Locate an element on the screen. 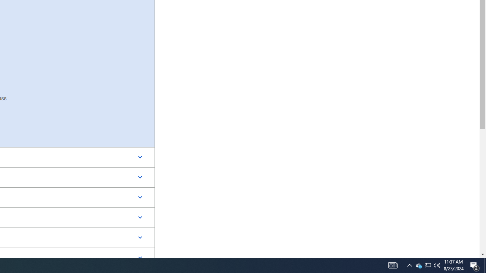 The height and width of the screenshot is (273, 486). 'Show desktop' is located at coordinates (484, 265).